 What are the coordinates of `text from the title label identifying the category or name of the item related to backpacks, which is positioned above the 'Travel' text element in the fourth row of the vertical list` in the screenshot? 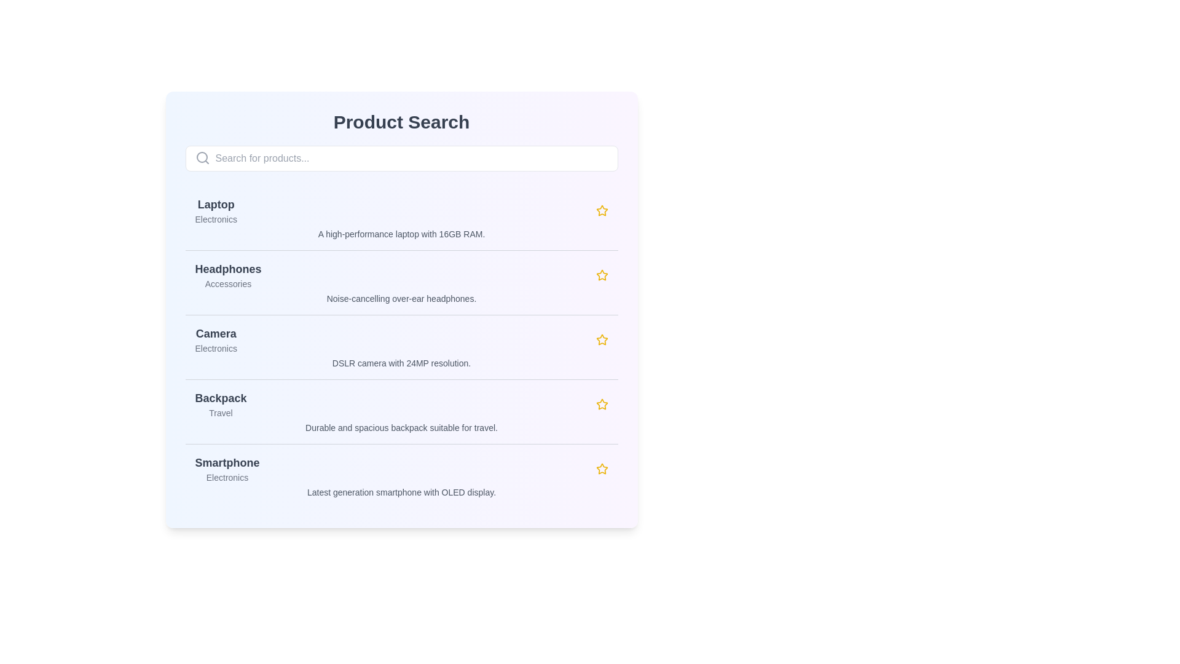 It's located at (221, 398).